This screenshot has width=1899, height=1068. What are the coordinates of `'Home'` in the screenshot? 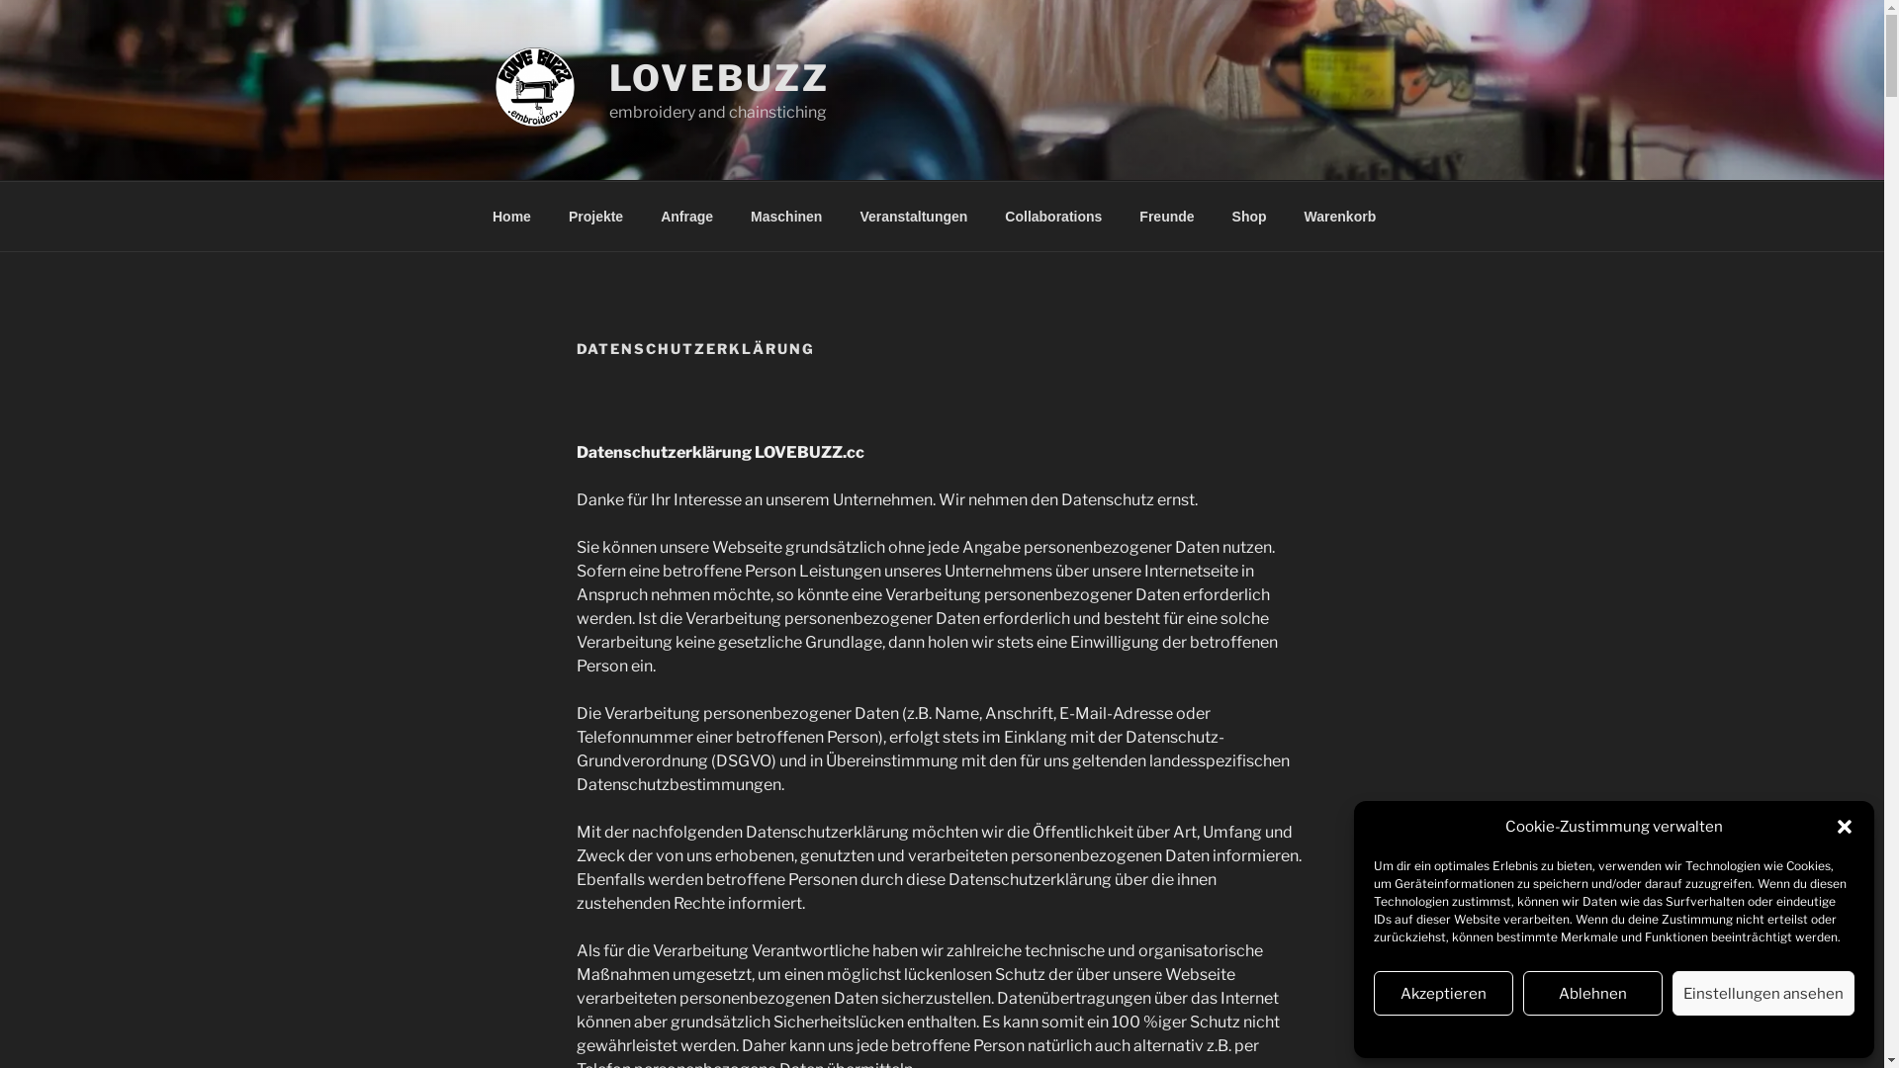 It's located at (511, 216).